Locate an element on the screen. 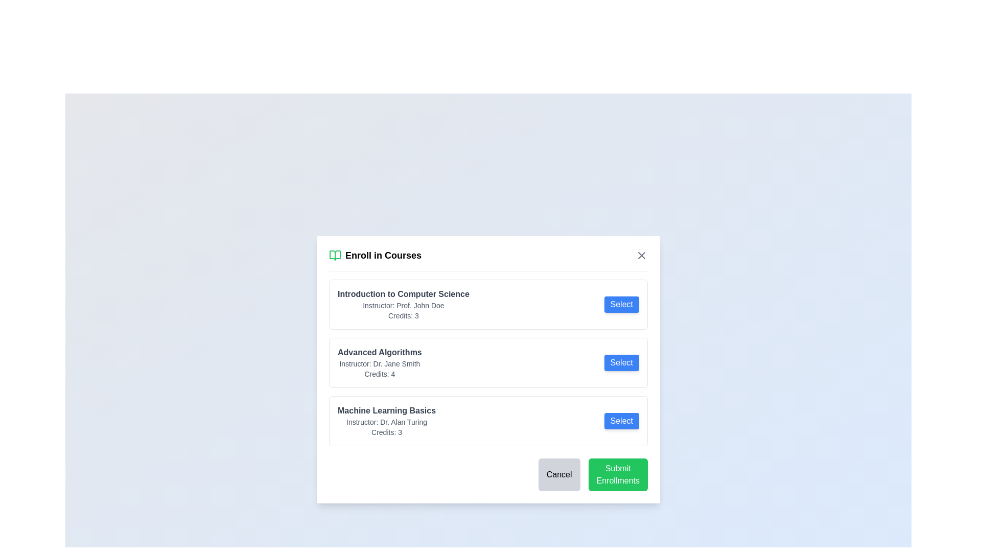  the static text element displaying 'Credits: 3', which is located below the instructor details in the card group for the course 'Introduction to Computer Science' is located at coordinates (403, 315).